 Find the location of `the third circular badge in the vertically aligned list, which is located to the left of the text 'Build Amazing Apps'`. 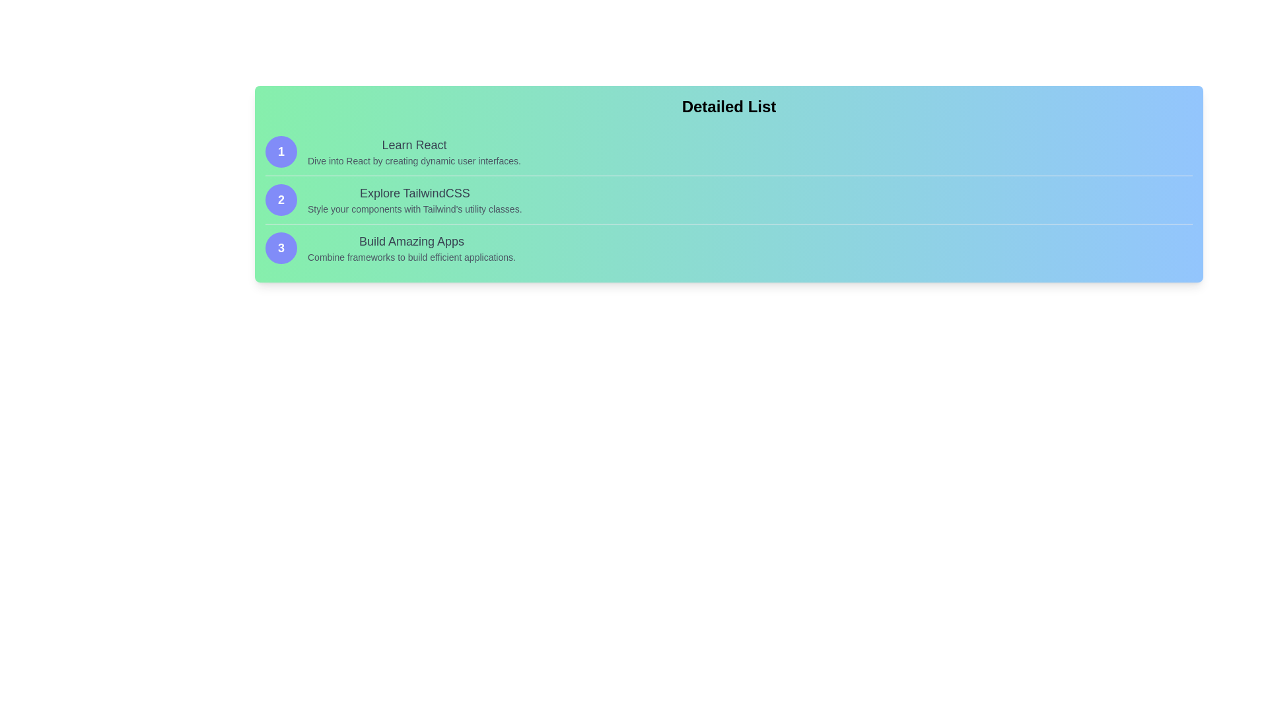

the third circular badge in the vertically aligned list, which is located to the left of the text 'Build Amazing Apps' is located at coordinates (281, 248).